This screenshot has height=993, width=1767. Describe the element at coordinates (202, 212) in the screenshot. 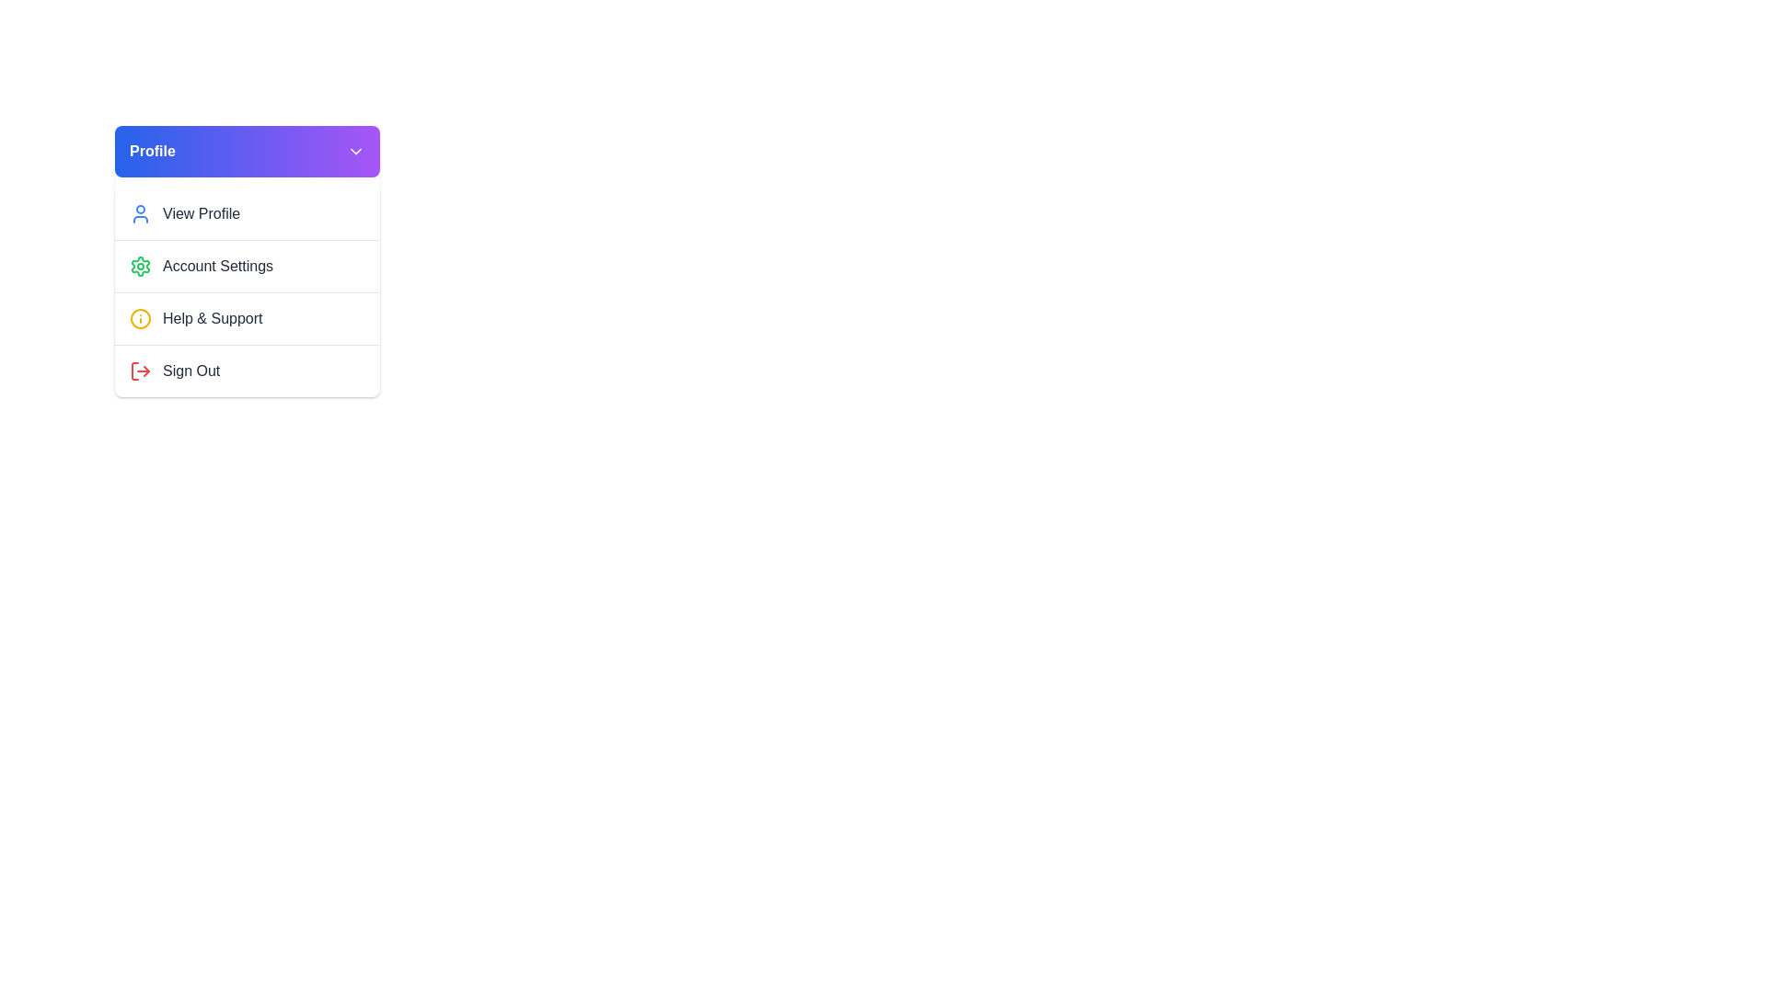

I see `the 'View Profile' text label, which is styled in medium dark gray and is the first item in the 'Profile' dropdown panel` at that location.